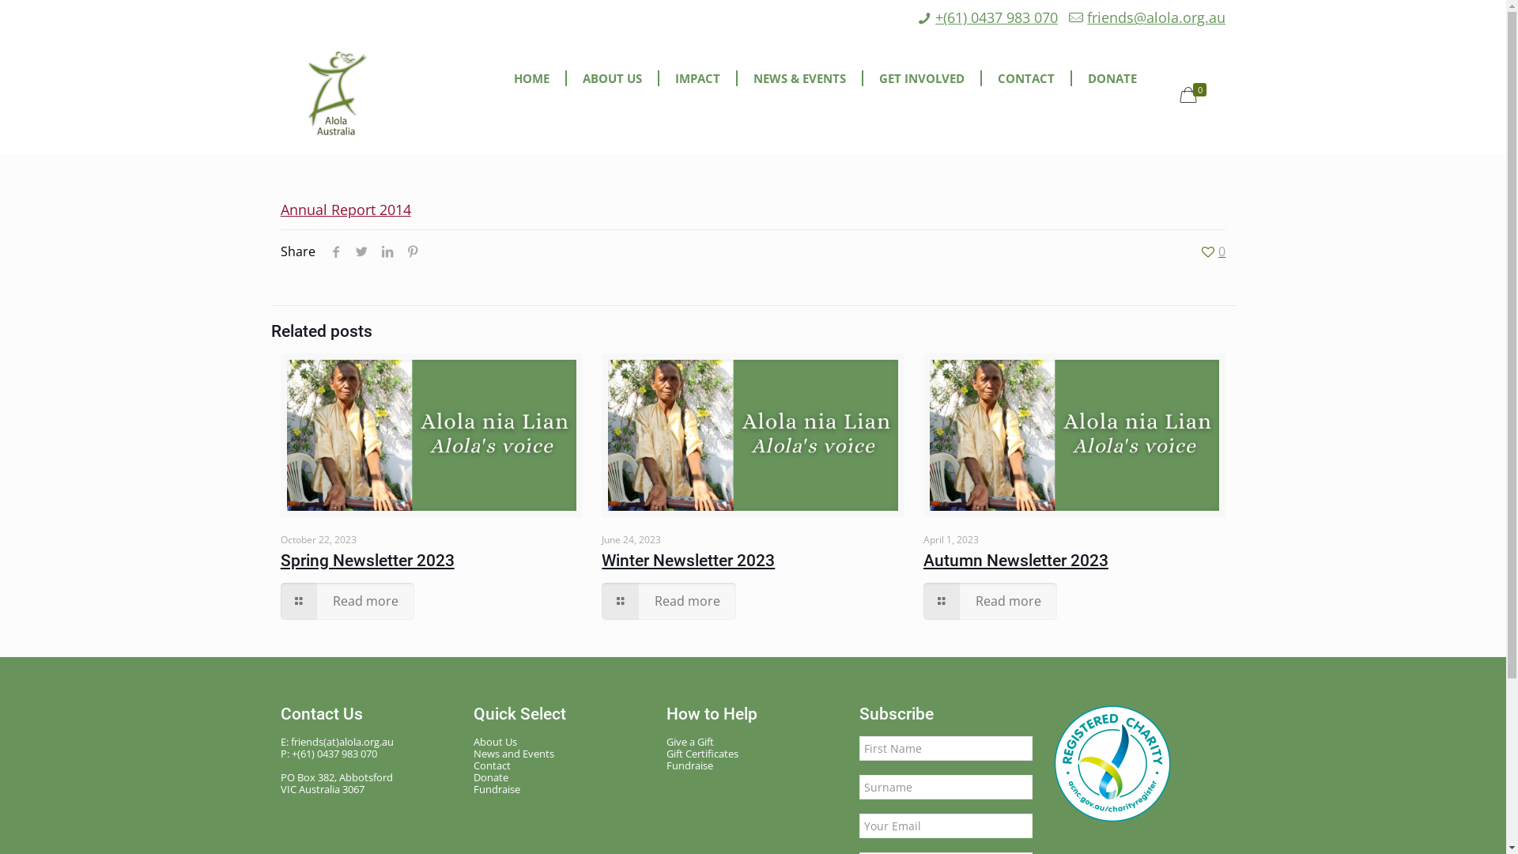 This screenshot has width=1518, height=854. What do you see at coordinates (1016, 560) in the screenshot?
I see `'Autumn Newsletter 2023'` at bounding box center [1016, 560].